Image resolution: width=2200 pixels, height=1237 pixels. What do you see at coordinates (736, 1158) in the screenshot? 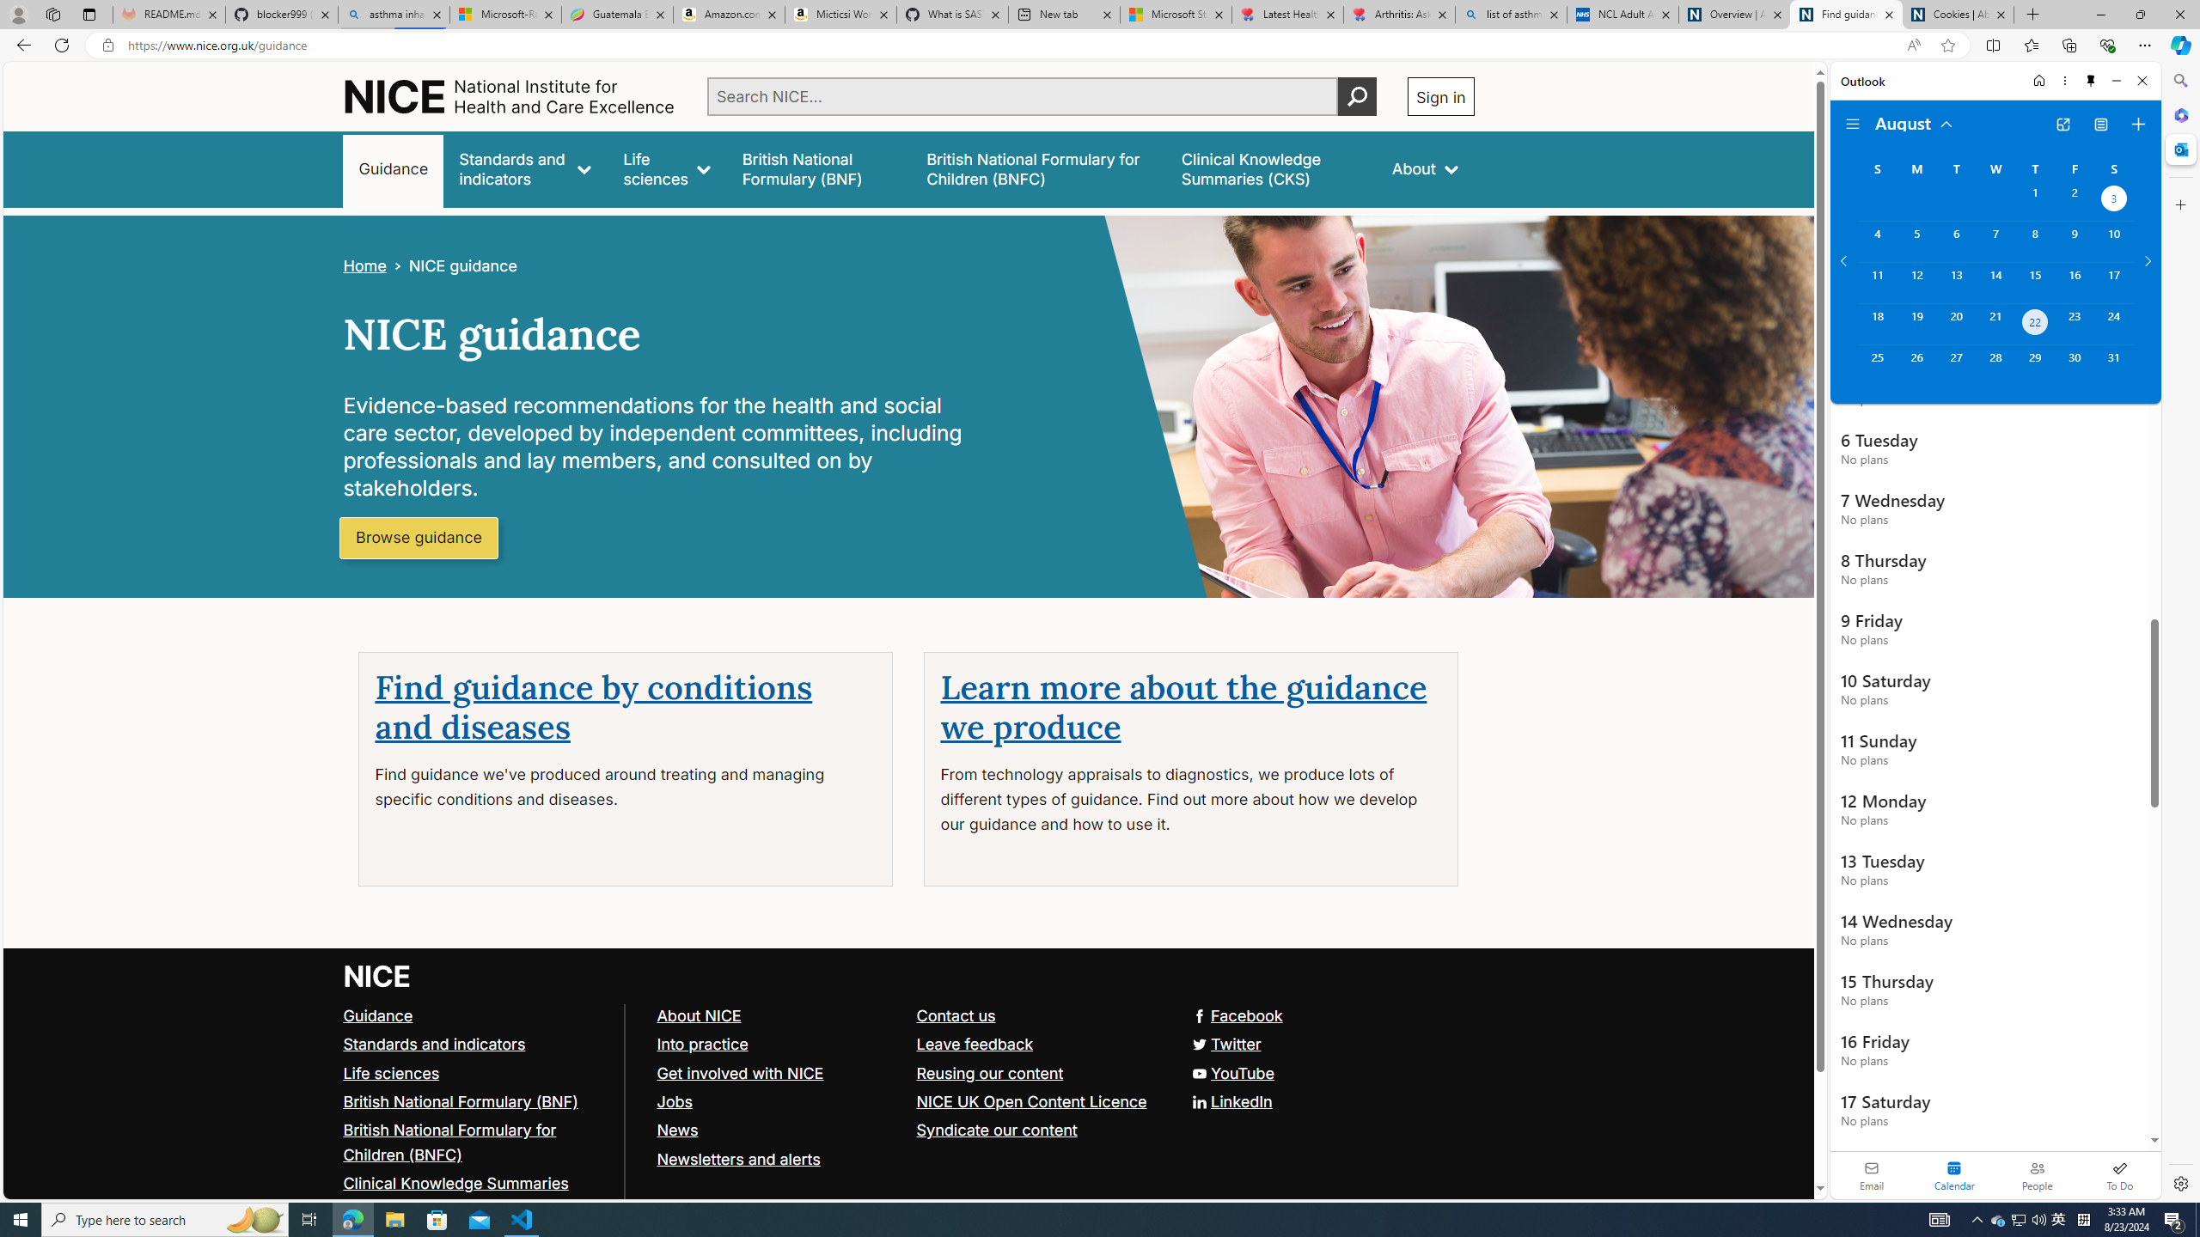
I see `'Newsletters and alerts'` at bounding box center [736, 1158].